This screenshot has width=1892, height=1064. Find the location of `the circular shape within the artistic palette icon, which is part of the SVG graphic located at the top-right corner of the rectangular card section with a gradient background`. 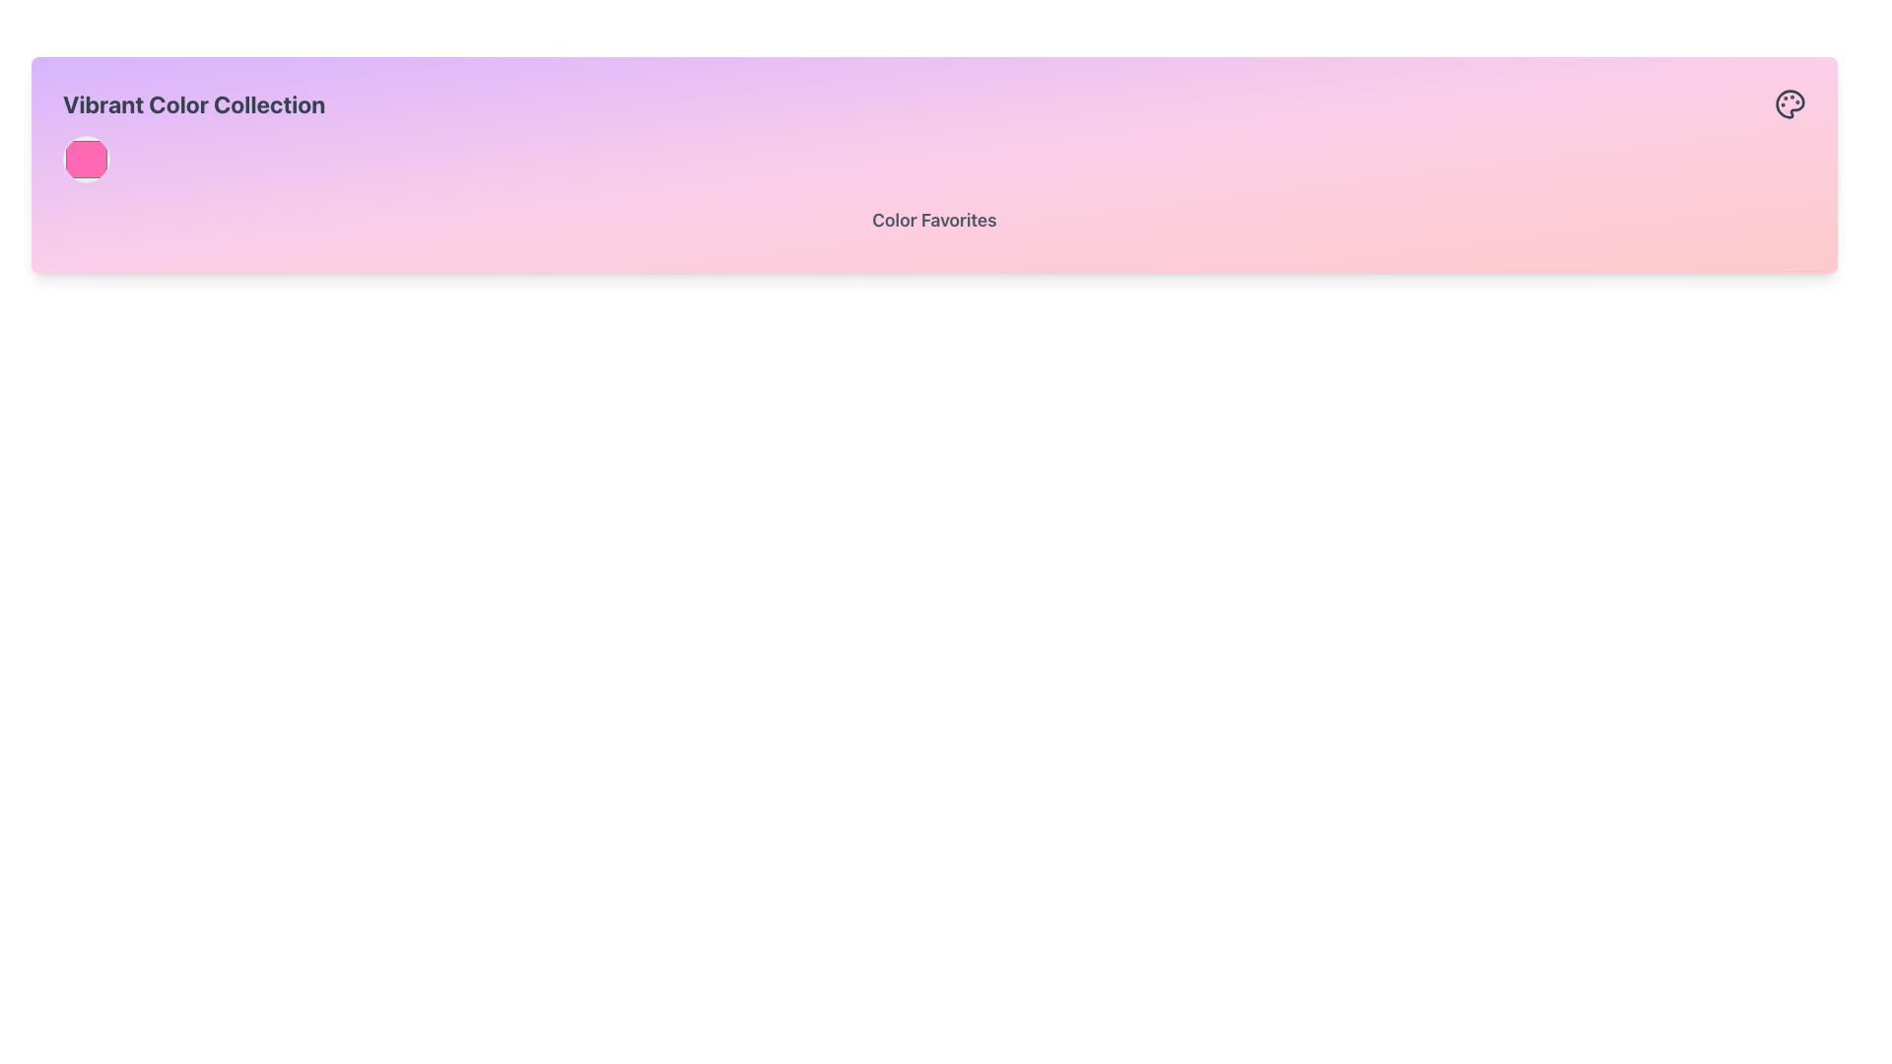

the circular shape within the artistic palette icon, which is part of the SVG graphic located at the top-right corner of the rectangular card section with a gradient background is located at coordinates (1790, 103).